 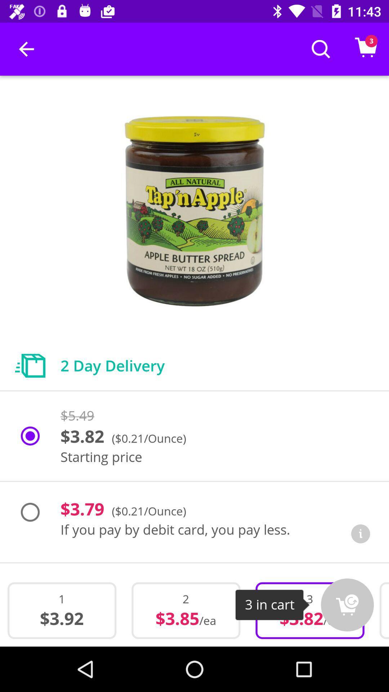 What do you see at coordinates (361, 534) in the screenshot?
I see `more information` at bounding box center [361, 534].